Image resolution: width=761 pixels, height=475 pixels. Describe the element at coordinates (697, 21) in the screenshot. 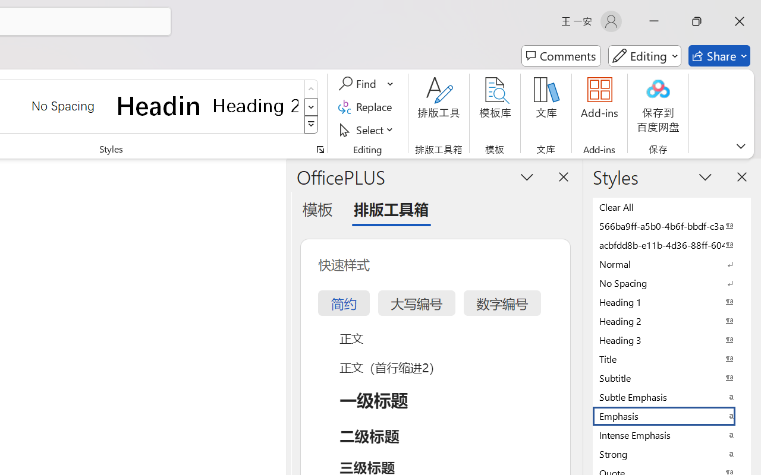

I see `'Restore Down'` at that location.